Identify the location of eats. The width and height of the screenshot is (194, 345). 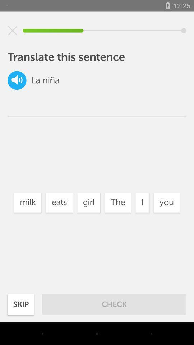
(59, 203).